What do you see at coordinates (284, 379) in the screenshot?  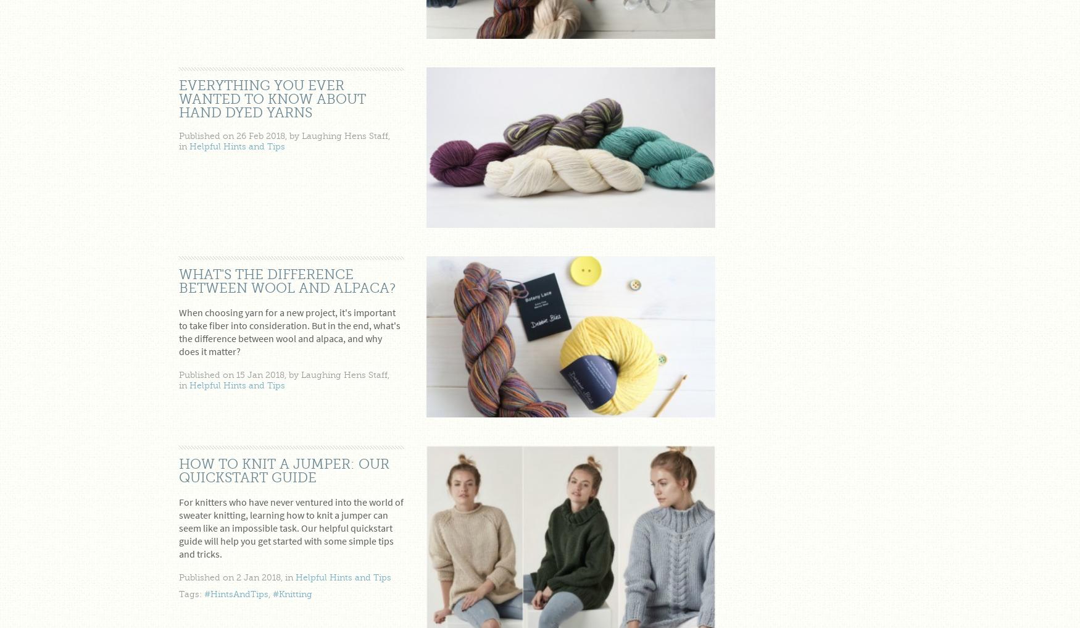 I see `'Published on 15 Jan 2018, by Laughing Hens Staff, in'` at bounding box center [284, 379].